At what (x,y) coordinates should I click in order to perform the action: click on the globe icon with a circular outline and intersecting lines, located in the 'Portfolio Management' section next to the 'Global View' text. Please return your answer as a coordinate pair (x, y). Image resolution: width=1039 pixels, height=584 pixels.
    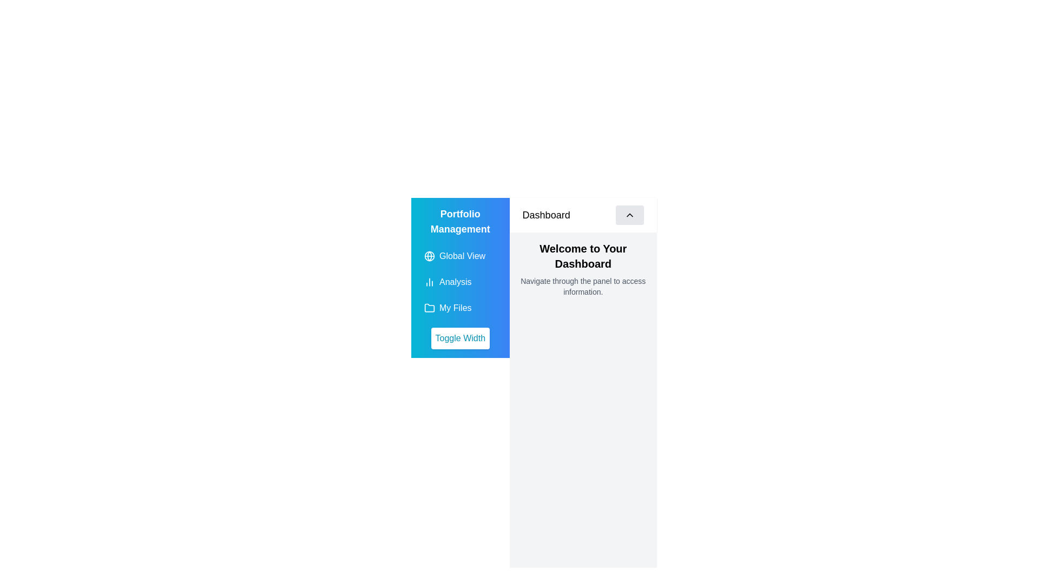
    Looking at the image, I should click on (429, 256).